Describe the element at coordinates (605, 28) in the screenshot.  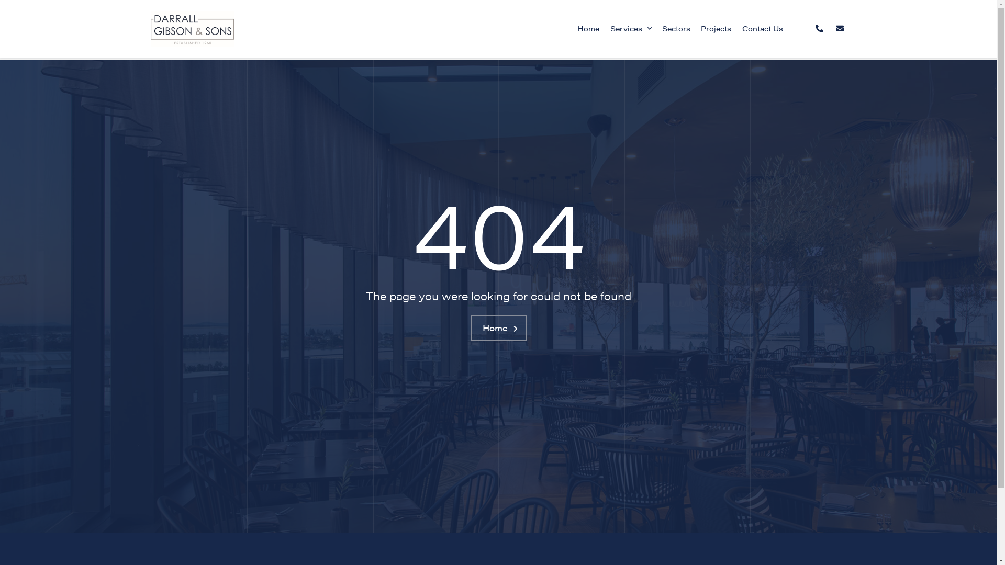
I see `'Services'` at that location.